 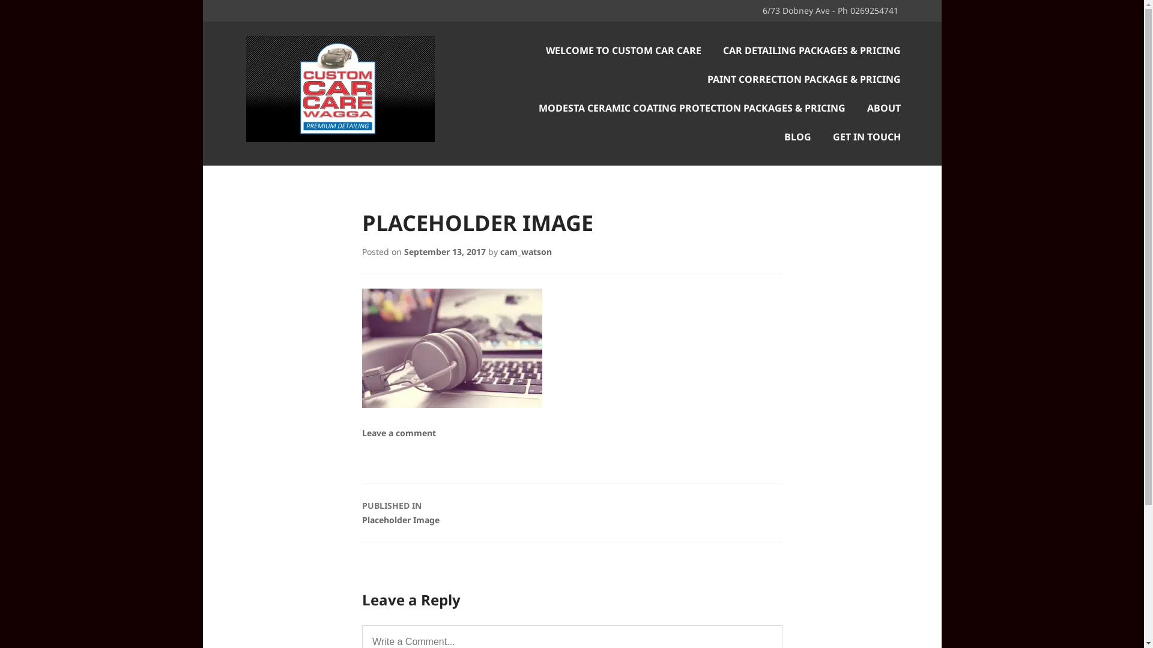 What do you see at coordinates (797, 136) in the screenshot?
I see `'BLOG'` at bounding box center [797, 136].